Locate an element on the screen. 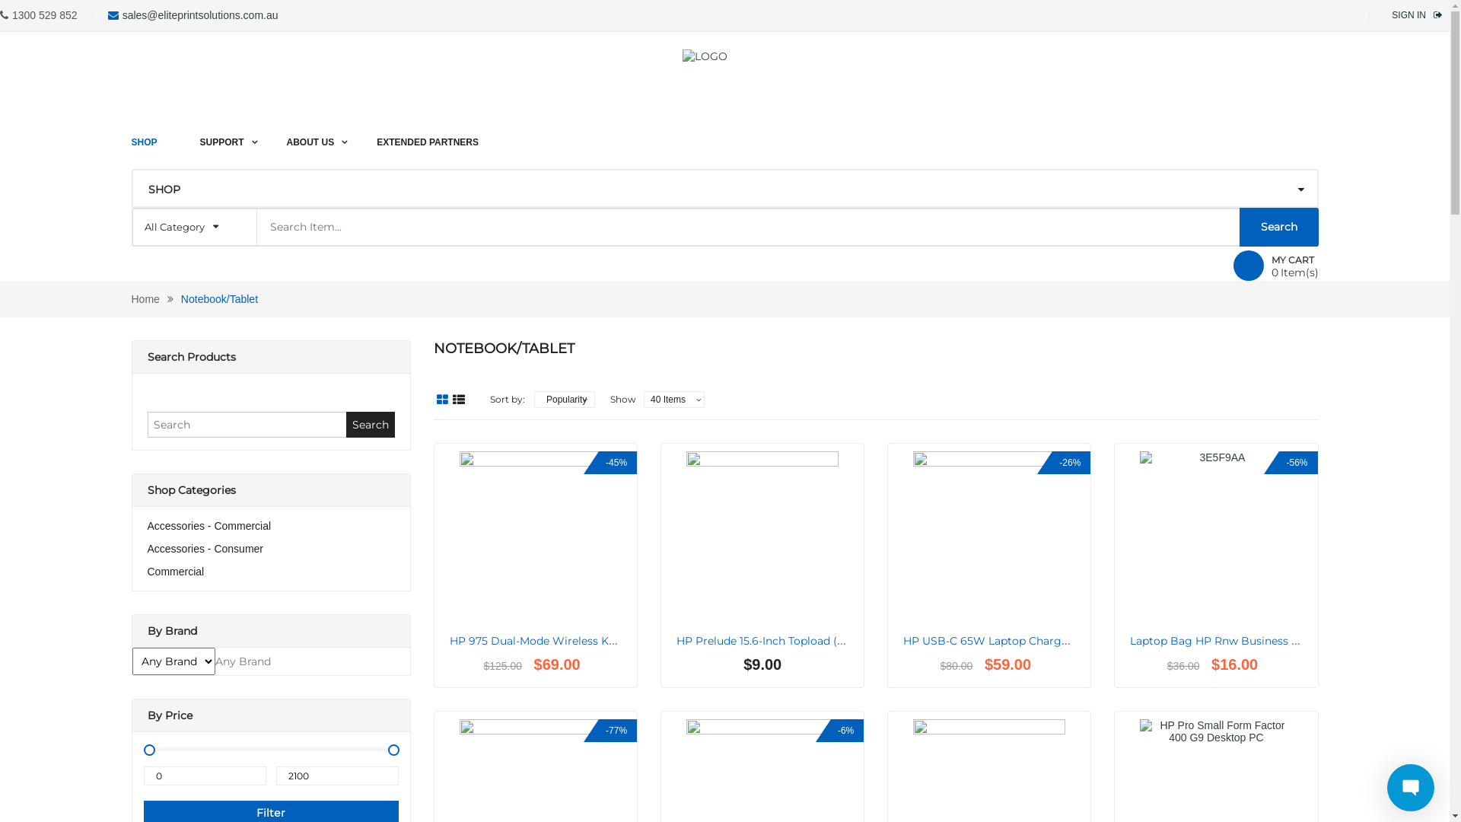 The image size is (1461, 822). 'Home' is located at coordinates (145, 299).